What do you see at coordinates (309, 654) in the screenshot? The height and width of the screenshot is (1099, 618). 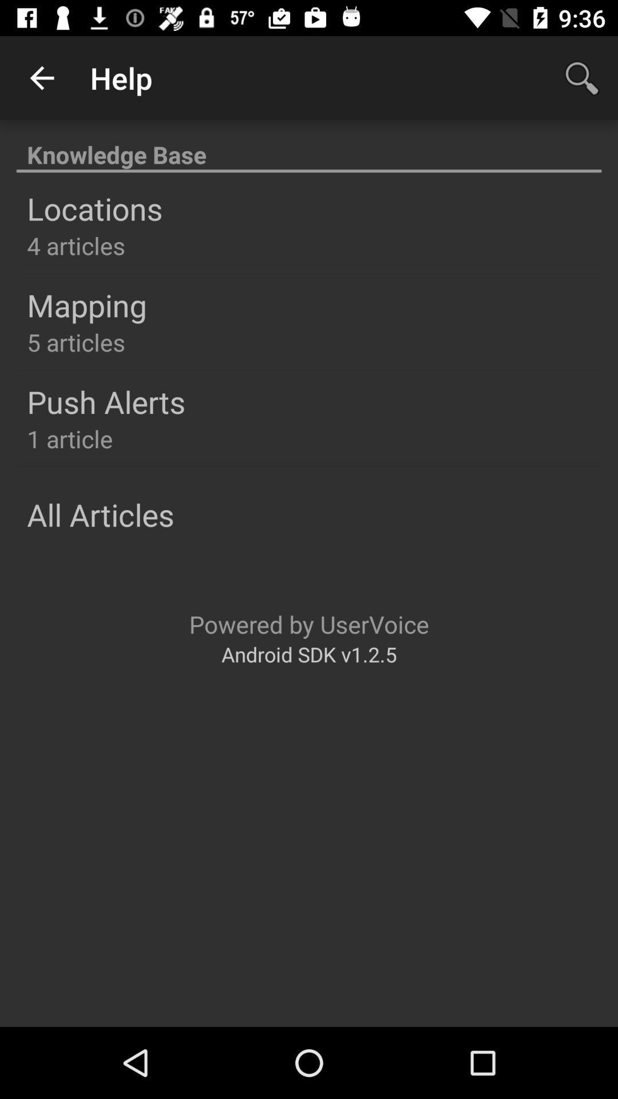 I see `the android sdk v1 icon` at bounding box center [309, 654].